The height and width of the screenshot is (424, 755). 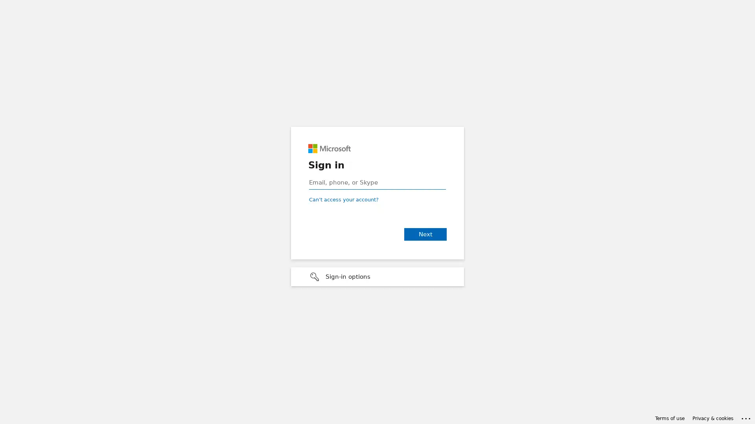 I want to click on Click here for troubleshooting information, so click(x=746, y=417).